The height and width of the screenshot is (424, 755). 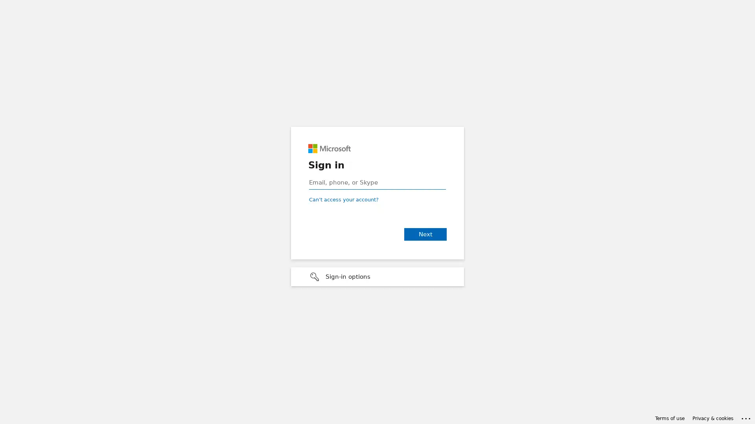 I want to click on Click here for troubleshooting information, so click(x=746, y=417).